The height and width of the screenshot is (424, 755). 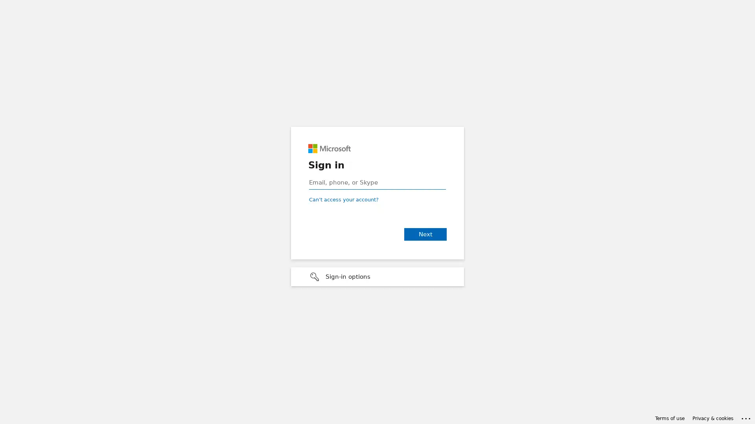 I want to click on Click here for troubleshooting information, so click(x=746, y=417).